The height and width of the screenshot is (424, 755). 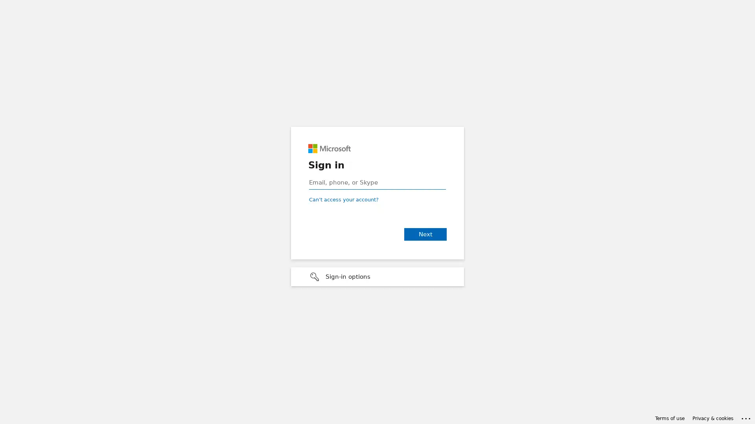 I want to click on Click here for troubleshooting information, so click(x=746, y=417).